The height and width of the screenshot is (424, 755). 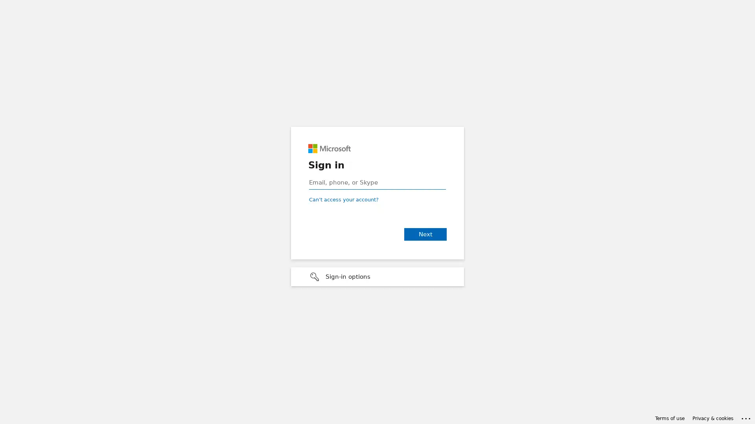 I want to click on Click here for troubleshooting information, so click(x=746, y=417).